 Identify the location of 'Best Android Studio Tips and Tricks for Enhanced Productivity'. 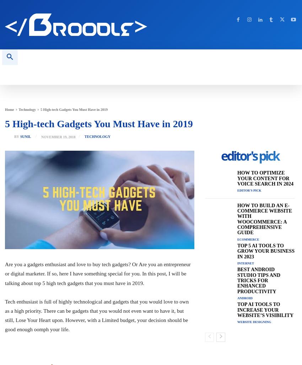
(259, 280).